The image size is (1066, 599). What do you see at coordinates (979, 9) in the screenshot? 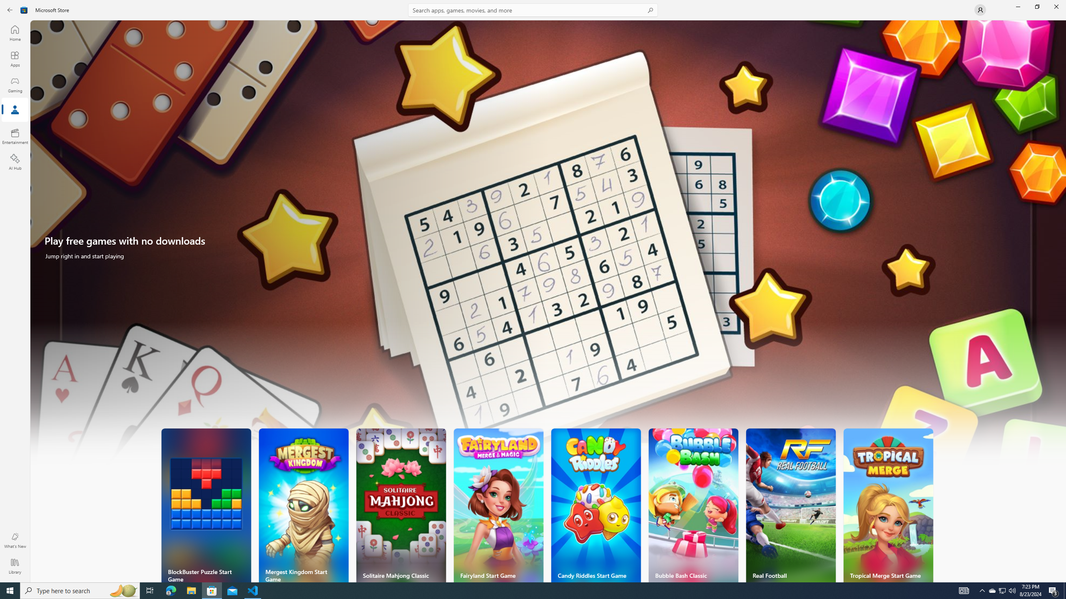
I see `'User profile'` at bounding box center [979, 9].